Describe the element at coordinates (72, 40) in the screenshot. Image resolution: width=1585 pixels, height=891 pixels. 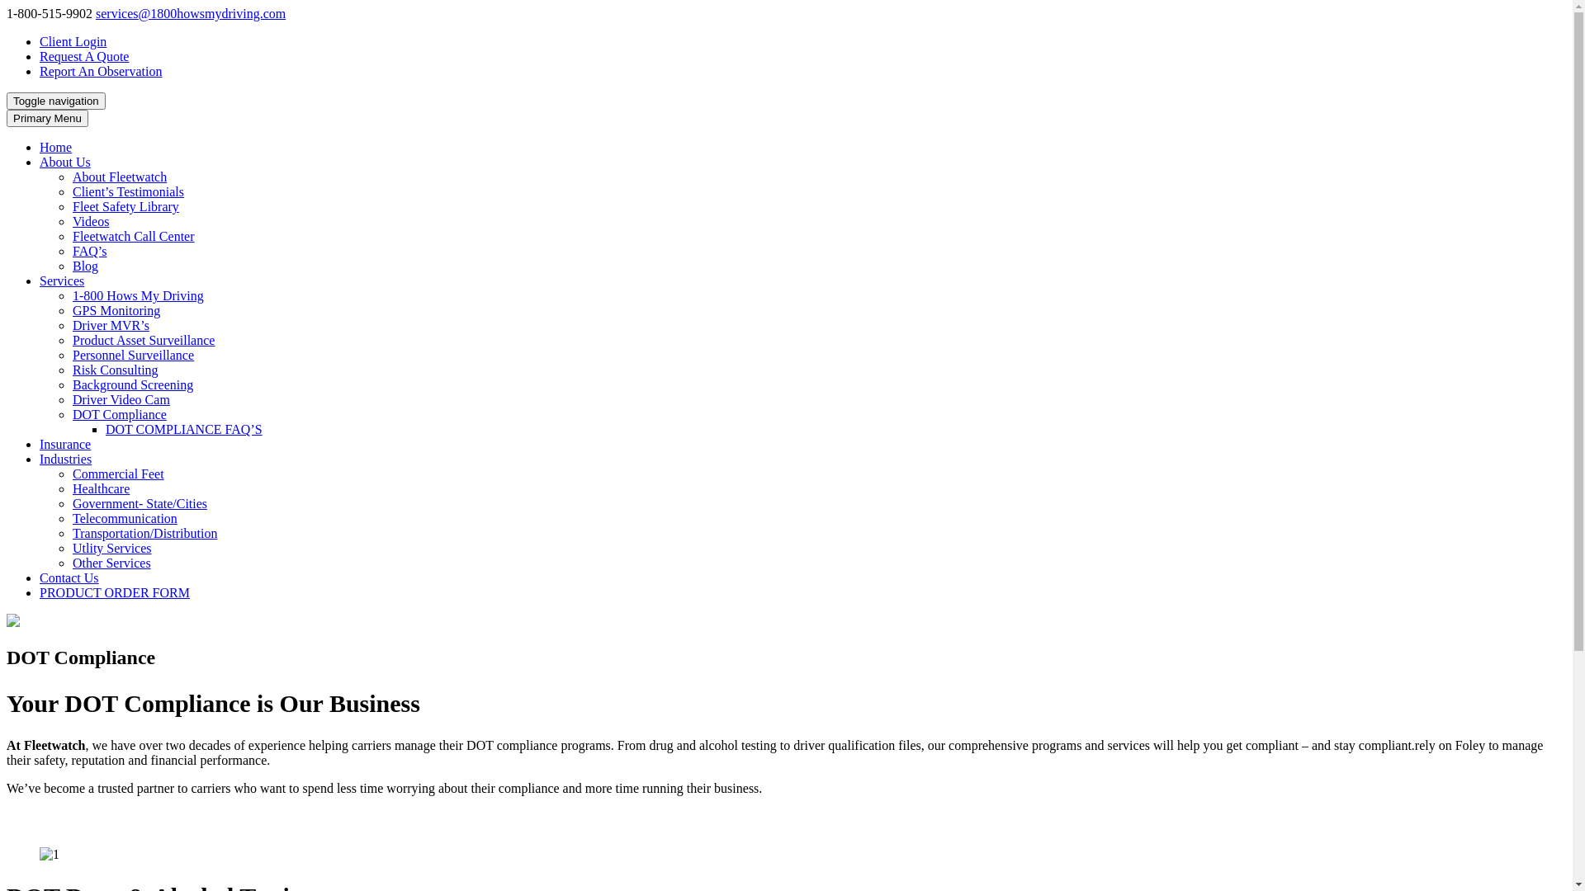
I see `'Client Login'` at that location.